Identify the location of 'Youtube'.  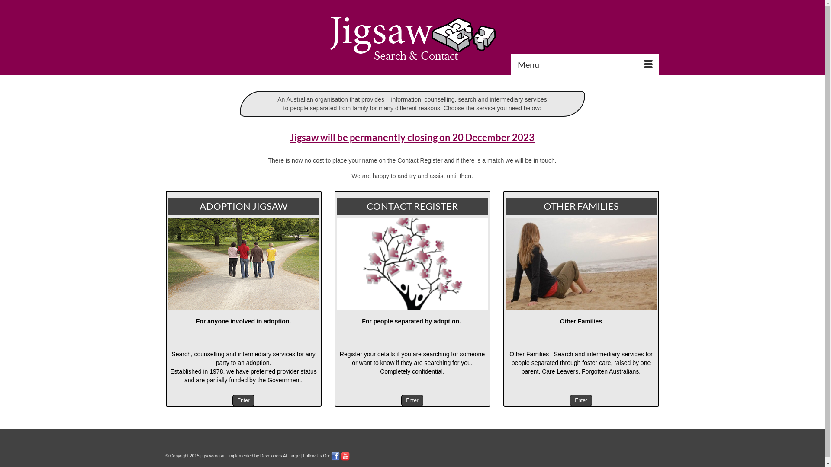
(340, 455).